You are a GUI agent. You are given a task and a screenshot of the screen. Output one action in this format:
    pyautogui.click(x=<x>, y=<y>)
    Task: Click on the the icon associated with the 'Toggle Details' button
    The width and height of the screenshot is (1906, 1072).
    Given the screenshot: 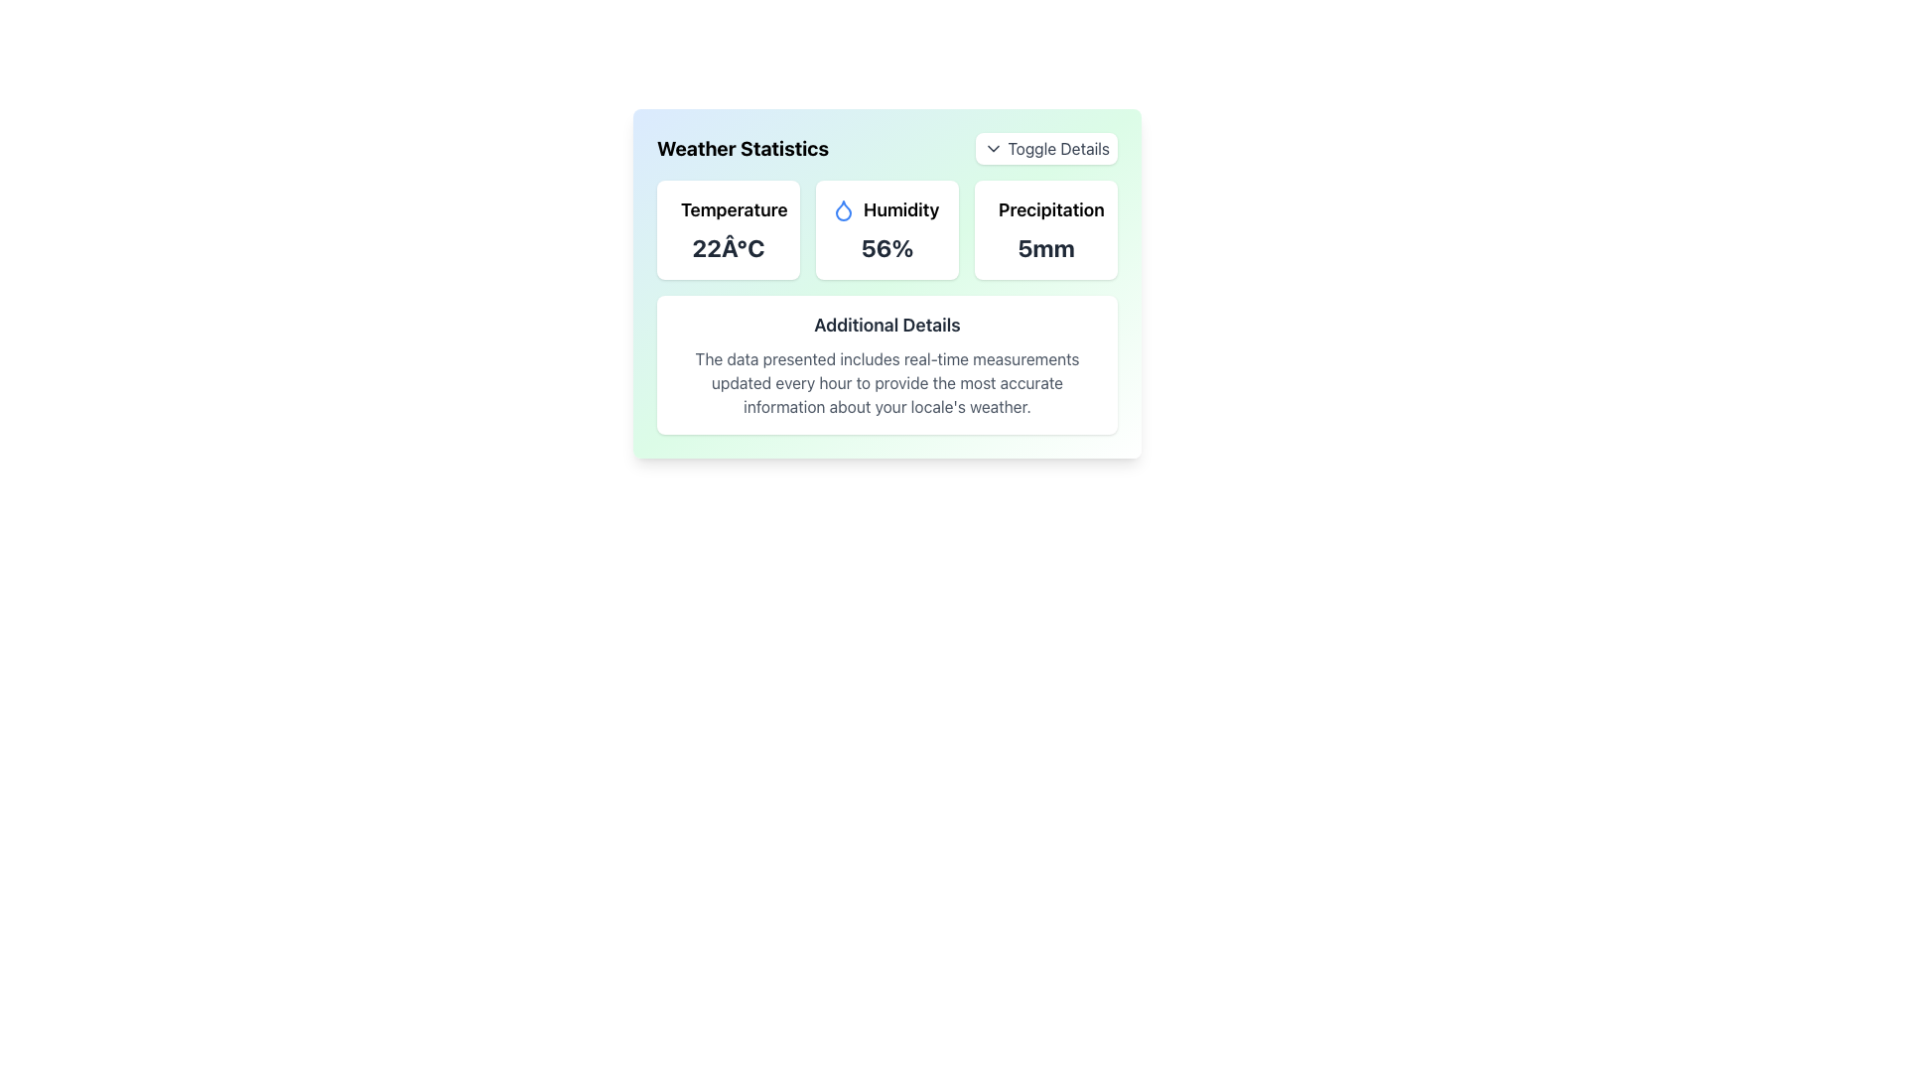 What is the action you would take?
    pyautogui.click(x=994, y=148)
    